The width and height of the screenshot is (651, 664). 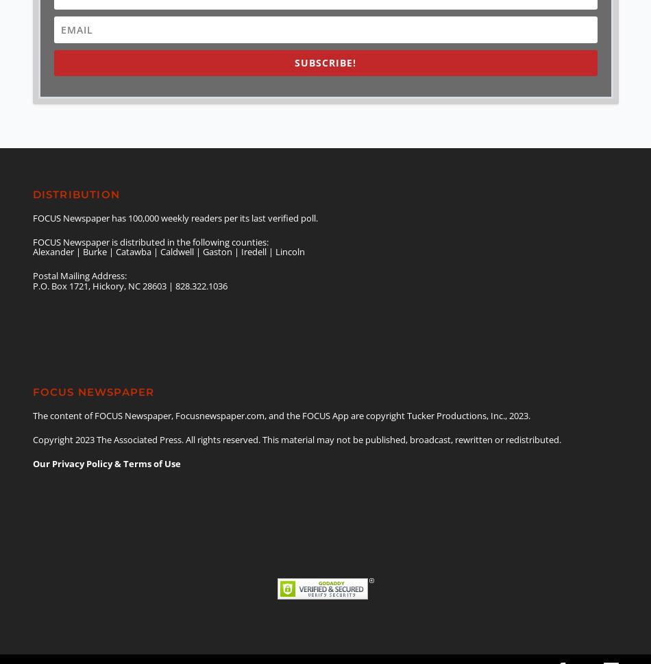 What do you see at coordinates (280, 415) in the screenshot?
I see `'The content of FOCUS Newspaper, Focusnewspaper.com, and the FOCUS App are copyright Tucker Productions, Inc., 2023.'` at bounding box center [280, 415].